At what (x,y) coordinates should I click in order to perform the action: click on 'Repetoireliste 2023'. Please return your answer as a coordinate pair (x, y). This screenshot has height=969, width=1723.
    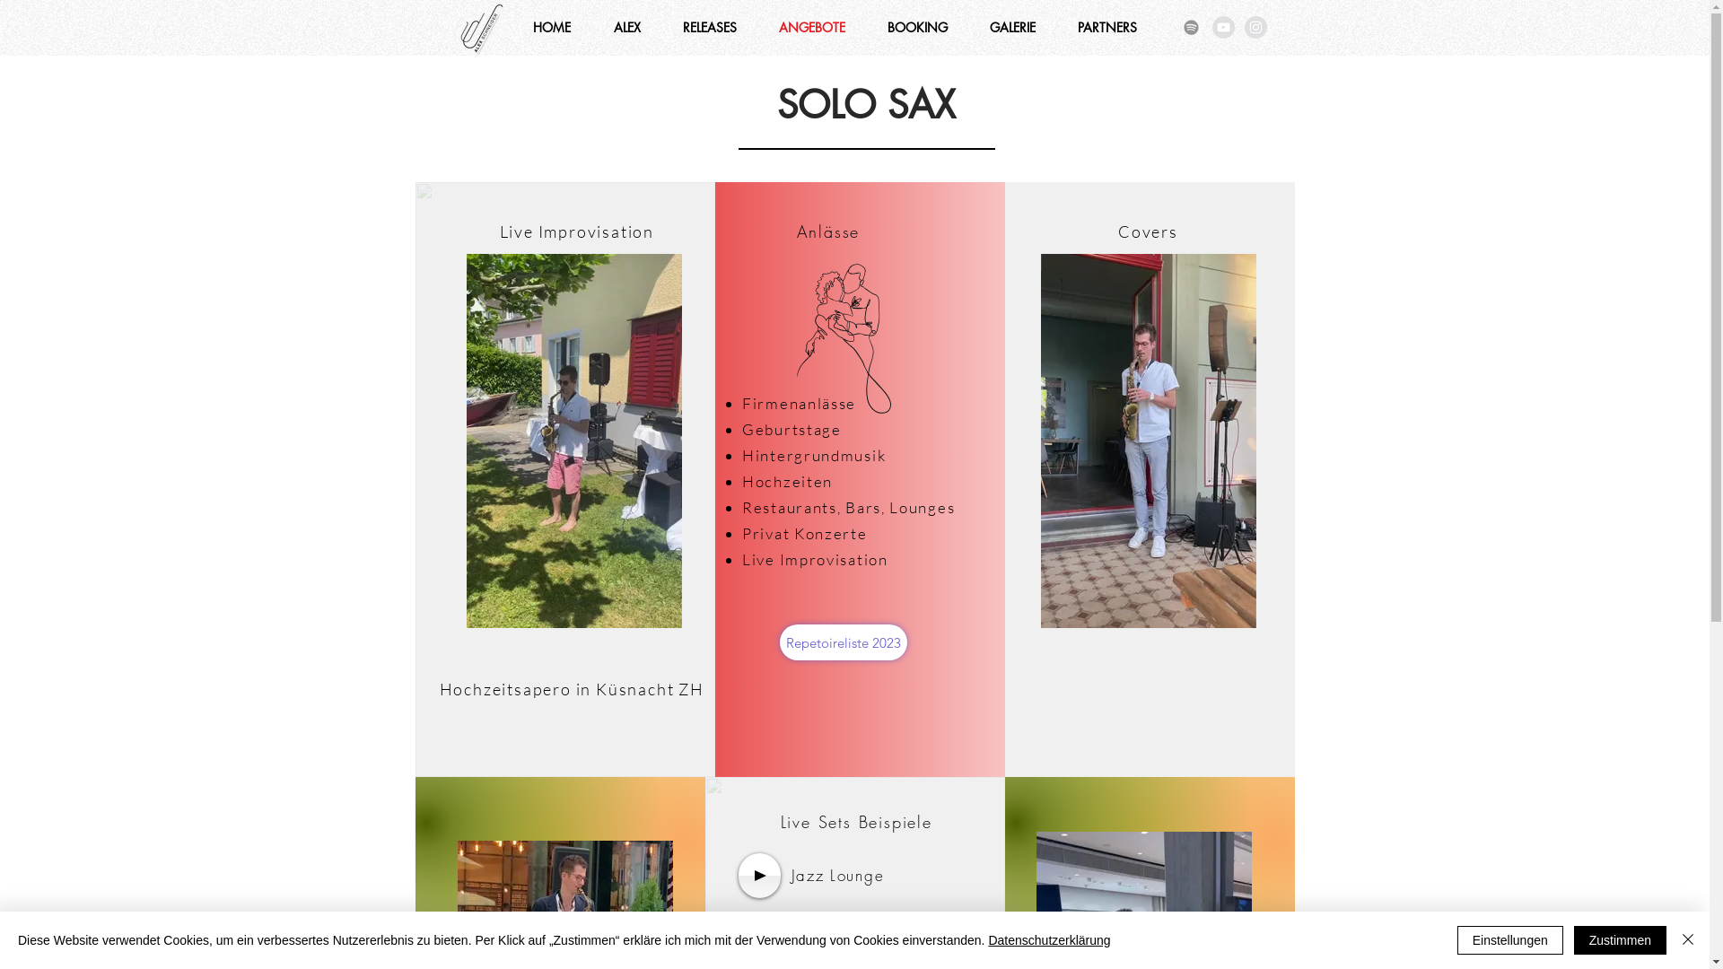
    Looking at the image, I should click on (779, 642).